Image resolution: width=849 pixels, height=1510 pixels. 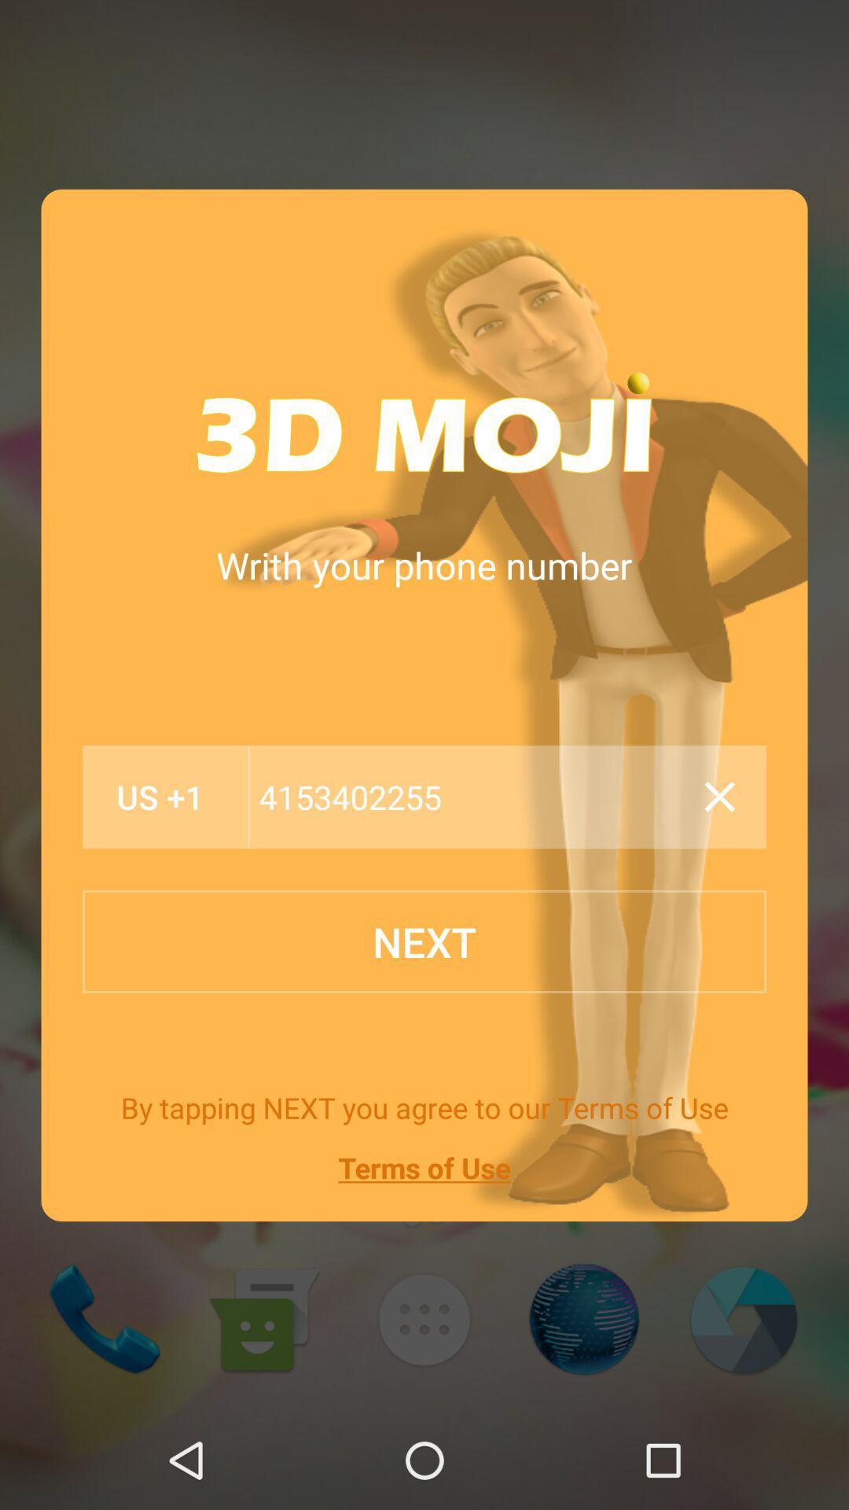 What do you see at coordinates (719, 797) in the screenshot?
I see `item above the next button` at bounding box center [719, 797].